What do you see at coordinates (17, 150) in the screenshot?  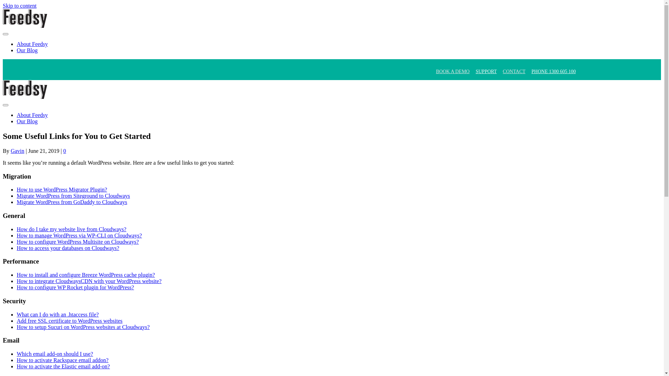 I see `'Gavin'` at bounding box center [17, 150].